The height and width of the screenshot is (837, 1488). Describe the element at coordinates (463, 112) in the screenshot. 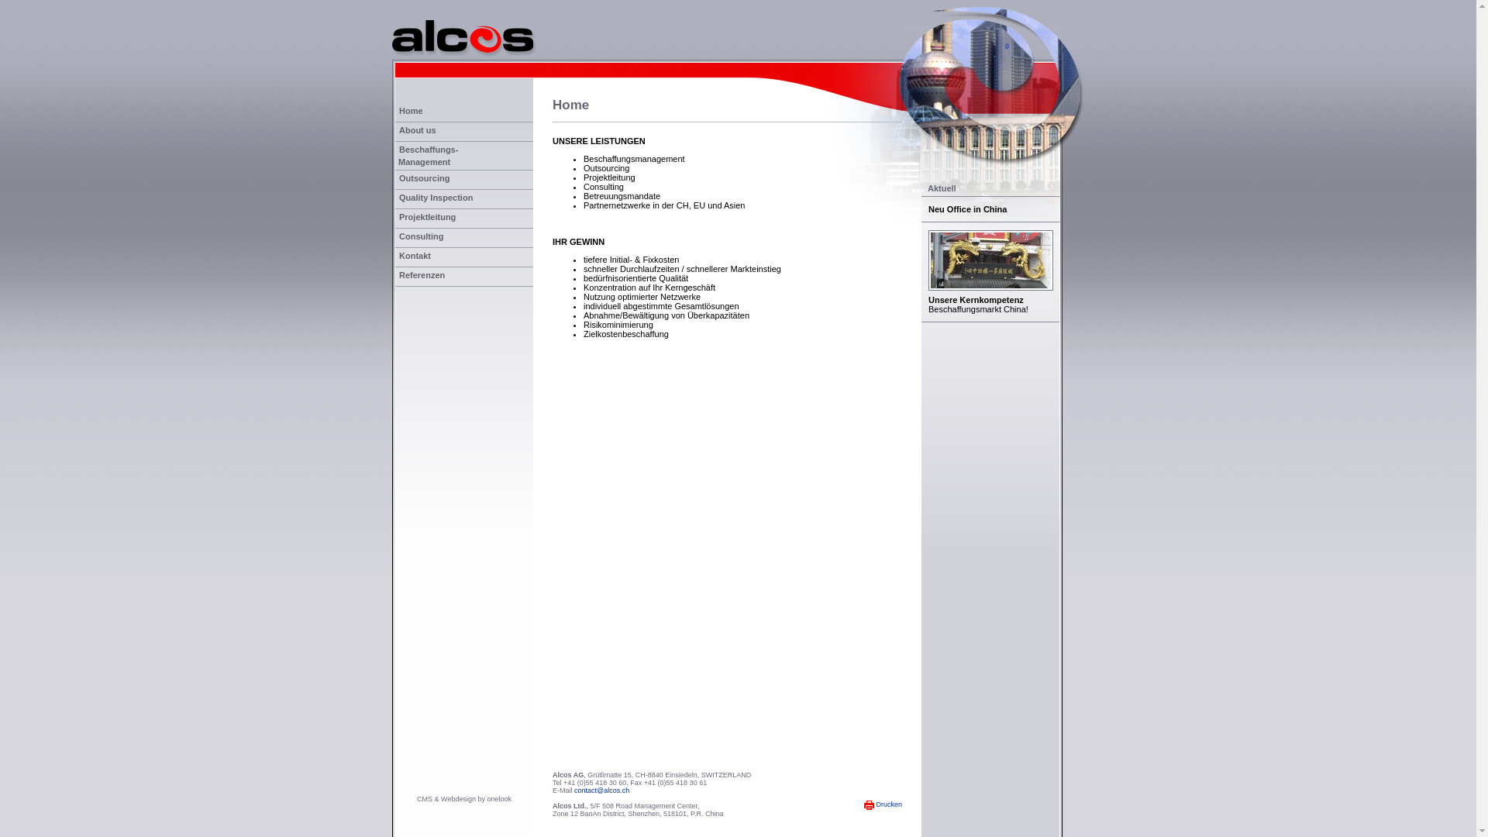

I see `'Home      '` at that location.